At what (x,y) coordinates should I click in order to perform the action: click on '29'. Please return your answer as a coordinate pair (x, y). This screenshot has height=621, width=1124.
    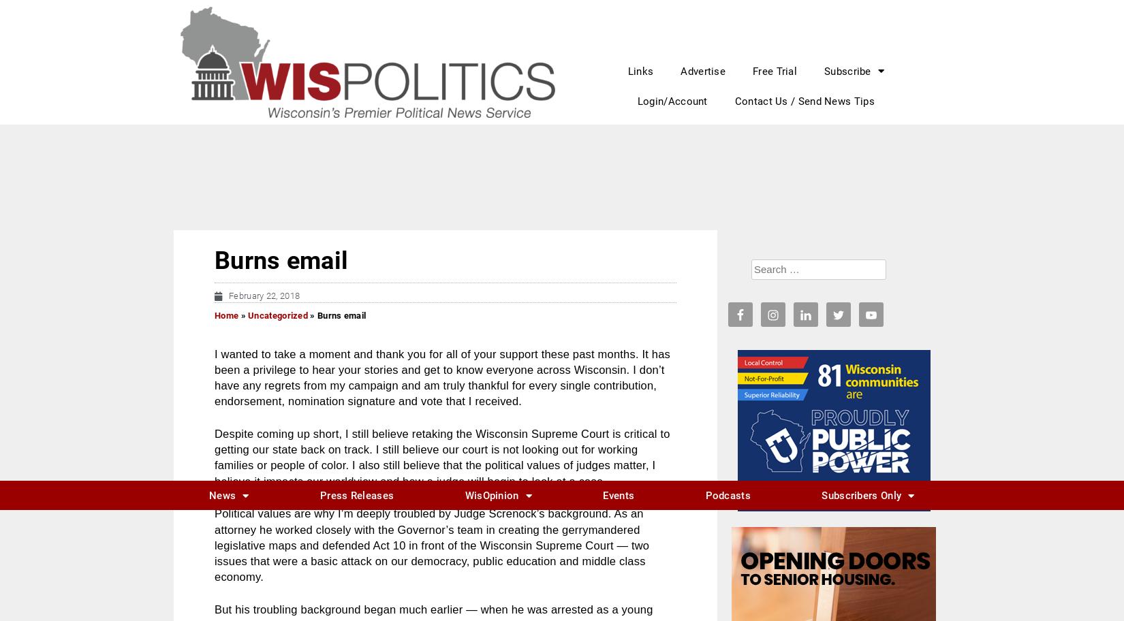
    Looking at the image, I should click on (745, 283).